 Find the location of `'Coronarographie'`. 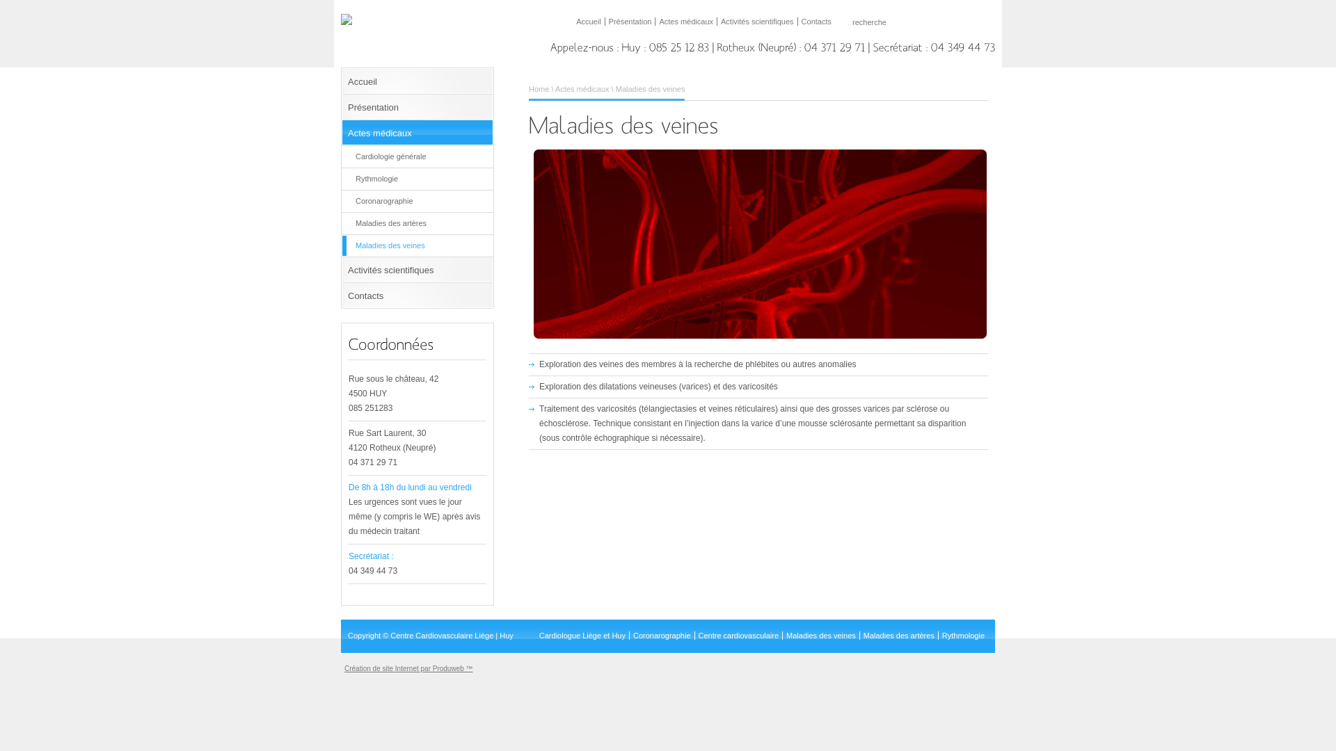

'Coronarographie' is located at coordinates (417, 201).